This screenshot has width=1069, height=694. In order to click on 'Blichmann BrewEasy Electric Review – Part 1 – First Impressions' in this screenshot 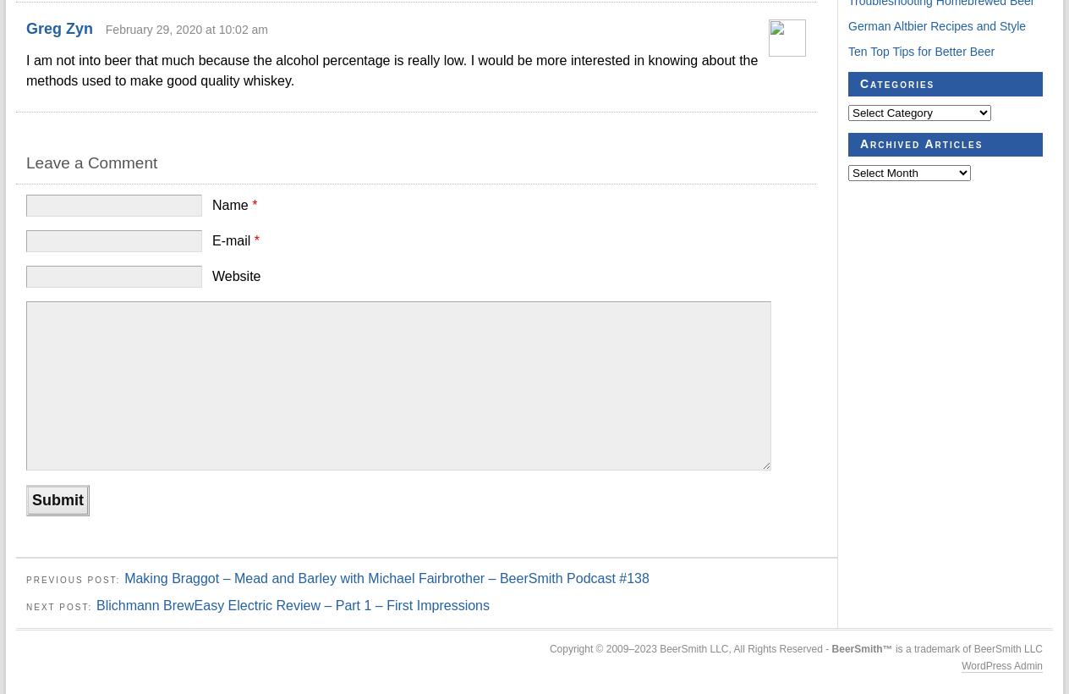, I will do `click(95, 604)`.